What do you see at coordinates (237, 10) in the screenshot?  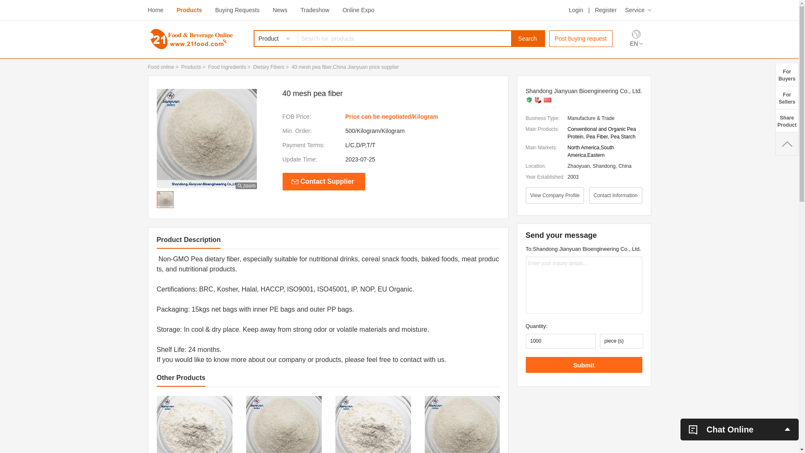 I see `'Buying Requests'` at bounding box center [237, 10].